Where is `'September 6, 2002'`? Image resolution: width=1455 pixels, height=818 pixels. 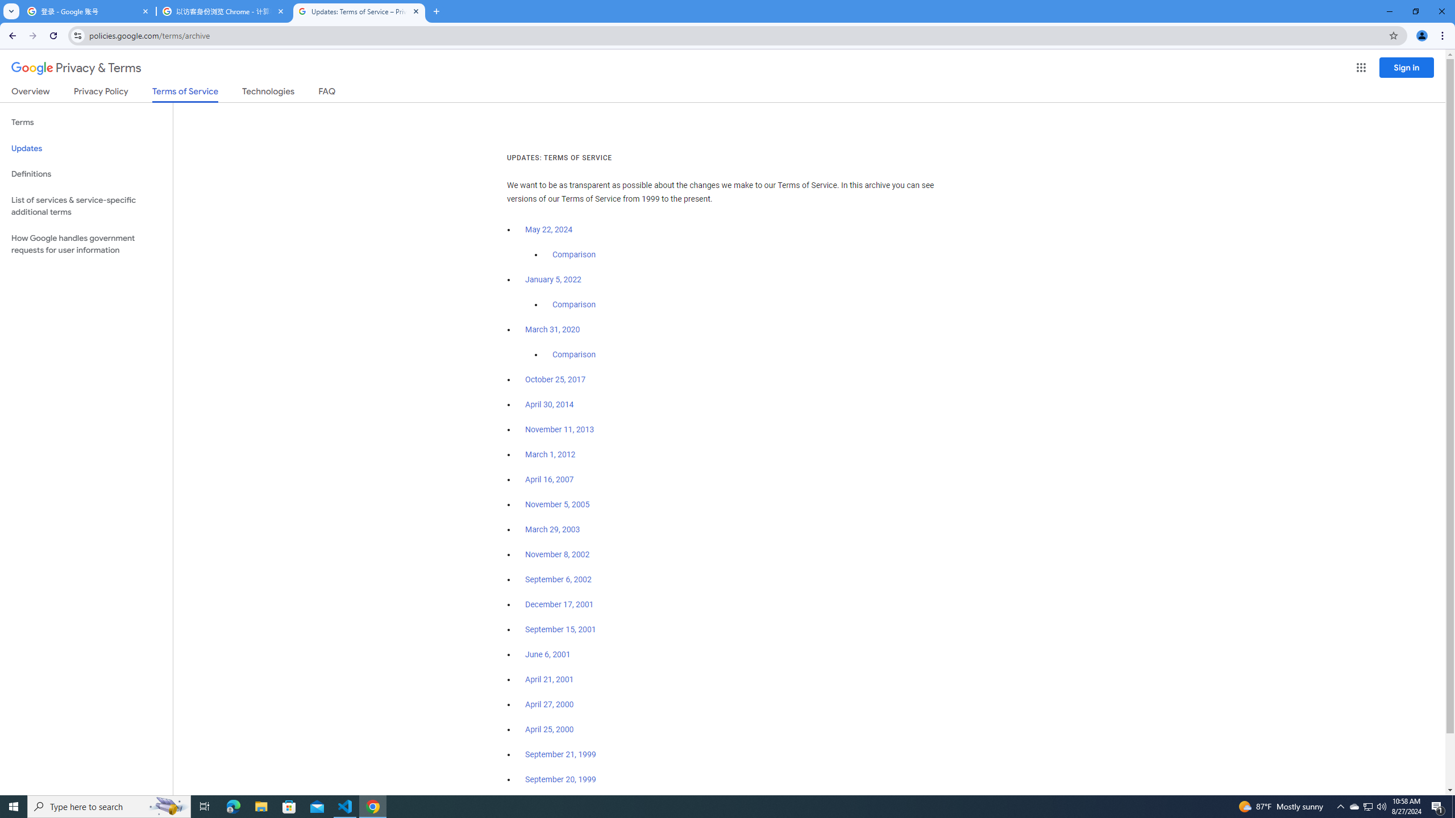
'September 6, 2002' is located at coordinates (558, 579).